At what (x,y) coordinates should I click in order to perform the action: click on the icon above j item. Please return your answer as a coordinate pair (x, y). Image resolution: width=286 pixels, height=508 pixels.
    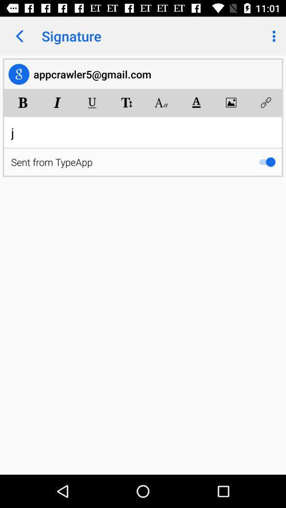
    Looking at the image, I should click on (57, 102).